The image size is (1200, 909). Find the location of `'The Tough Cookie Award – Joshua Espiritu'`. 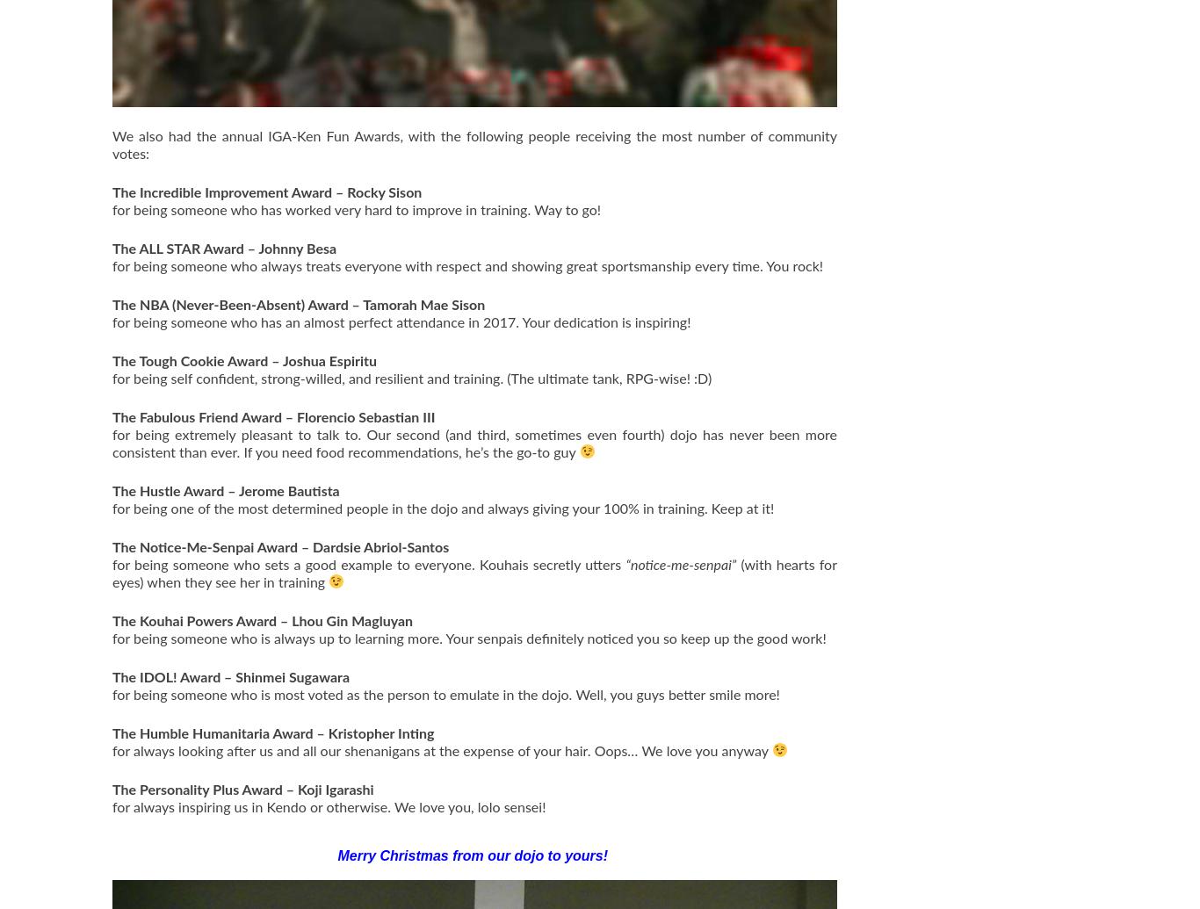

'The Tough Cookie Award – Joshua Espiritu' is located at coordinates (111, 360).